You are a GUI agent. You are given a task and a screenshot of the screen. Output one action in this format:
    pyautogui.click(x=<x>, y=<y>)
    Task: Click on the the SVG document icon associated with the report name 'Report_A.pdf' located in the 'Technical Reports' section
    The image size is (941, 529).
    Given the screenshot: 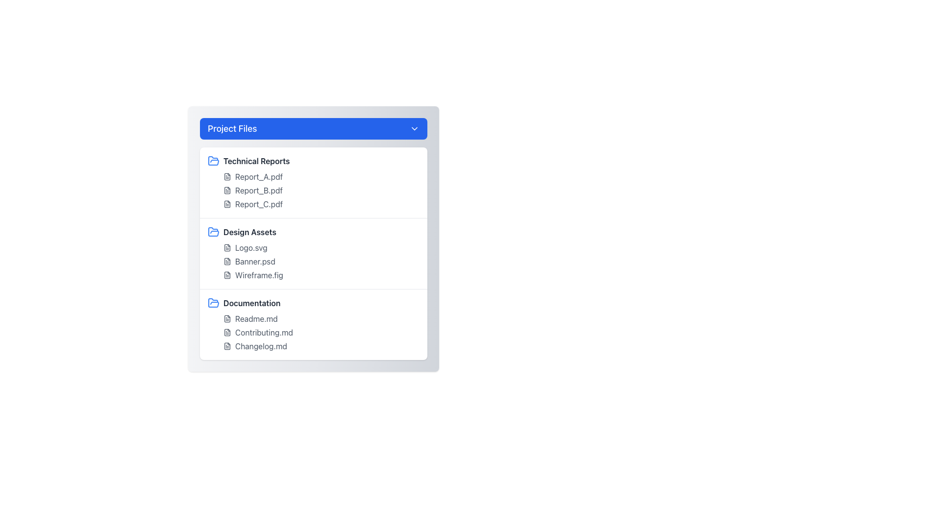 What is the action you would take?
    pyautogui.click(x=227, y=177)
    